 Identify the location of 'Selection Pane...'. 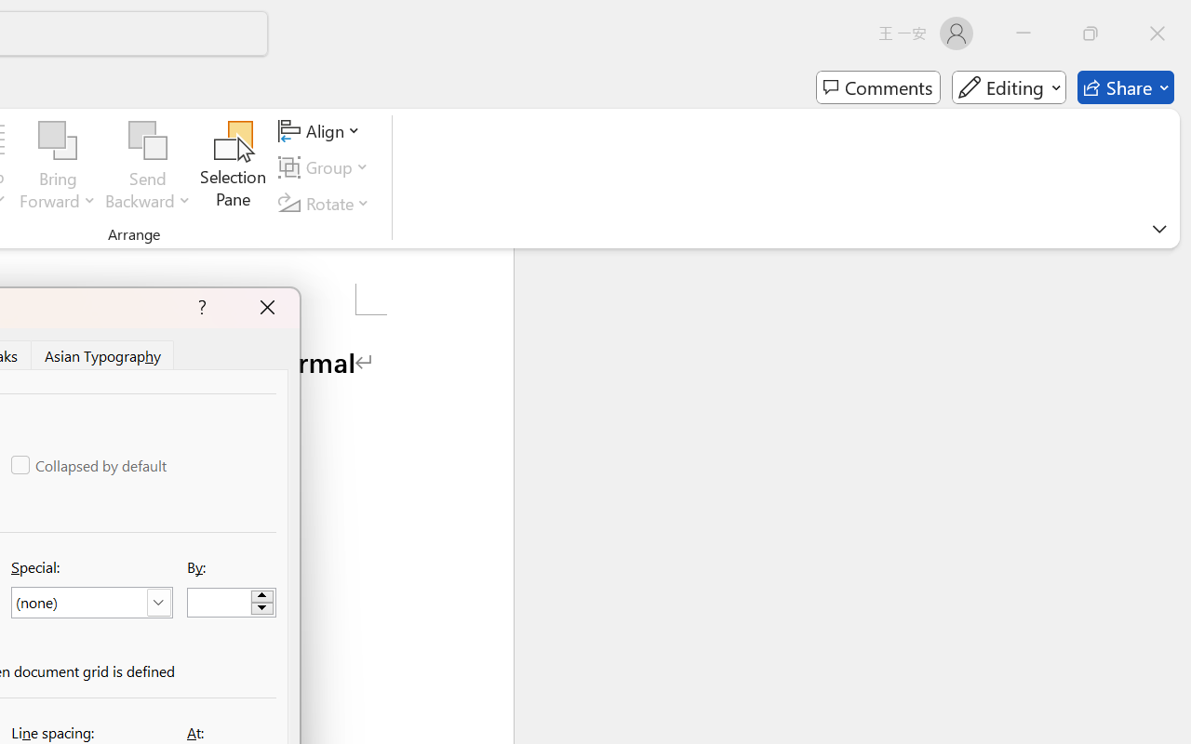
(233, 166).